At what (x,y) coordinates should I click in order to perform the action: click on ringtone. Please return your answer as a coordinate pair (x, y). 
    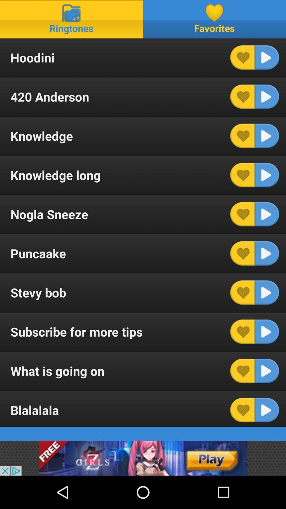
    Looking at the image, I should click on (267, 96).